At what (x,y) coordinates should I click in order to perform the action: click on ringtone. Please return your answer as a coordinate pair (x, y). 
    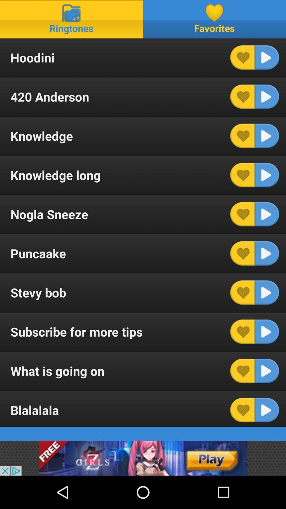
    Looking at the image, I should click on (267, 96).